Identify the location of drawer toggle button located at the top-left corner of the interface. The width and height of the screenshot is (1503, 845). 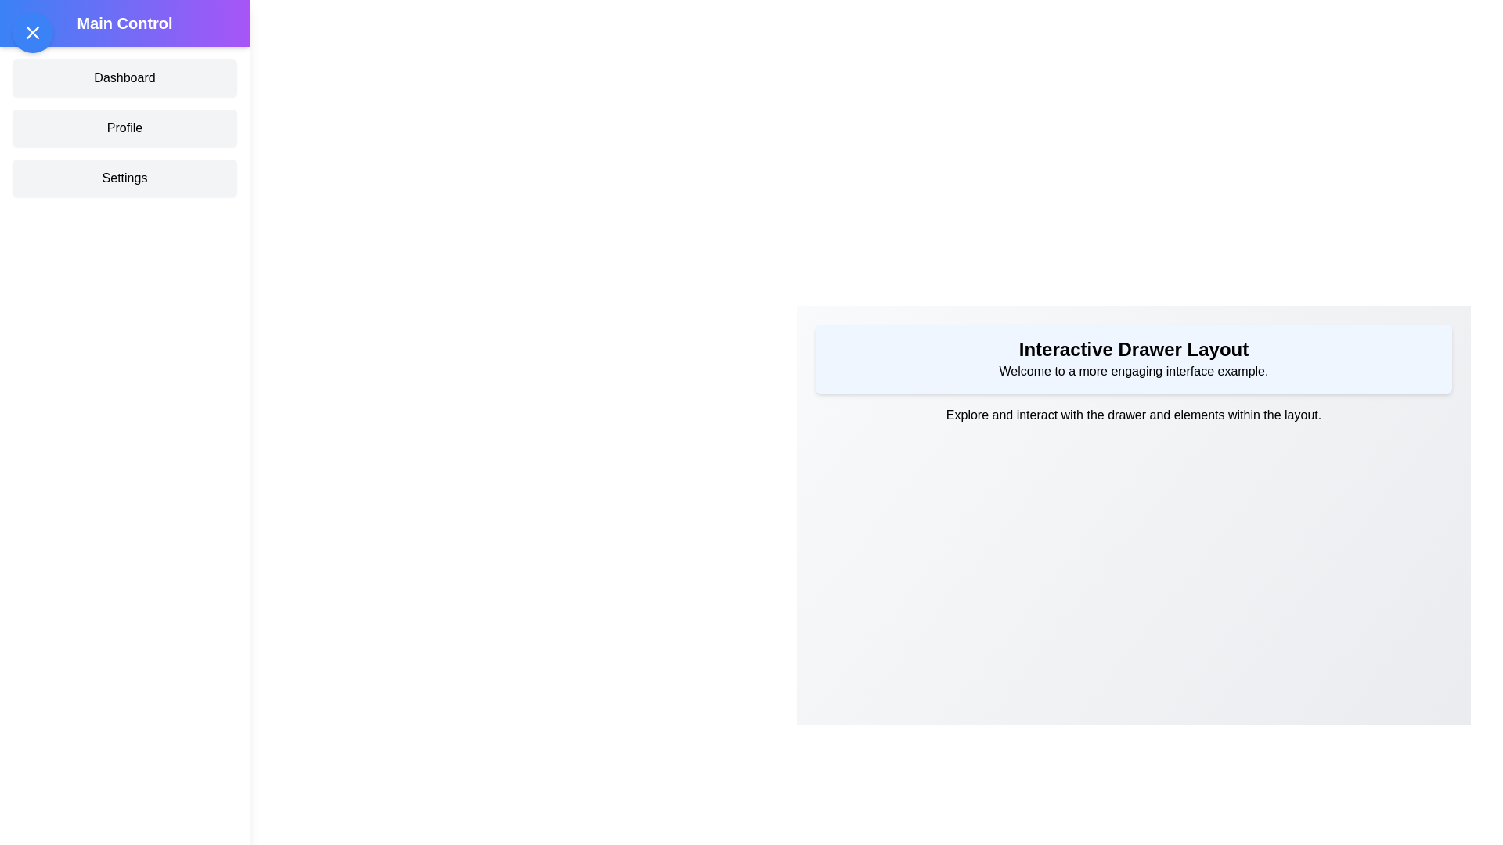
(33, 33).